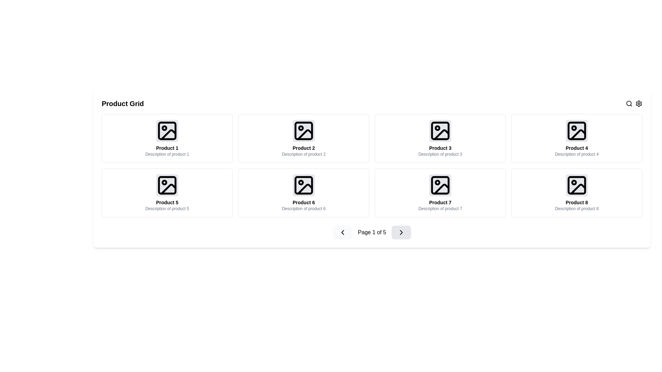 The width and height of the screenshot is (662, 372). Describe the element at coordinates (440, 131) in the screenshot. I see `the Image Placeholder for 'Product 3', which is centrally aligned above the text 'Product 3' in the 'Product Grid'` at that location.